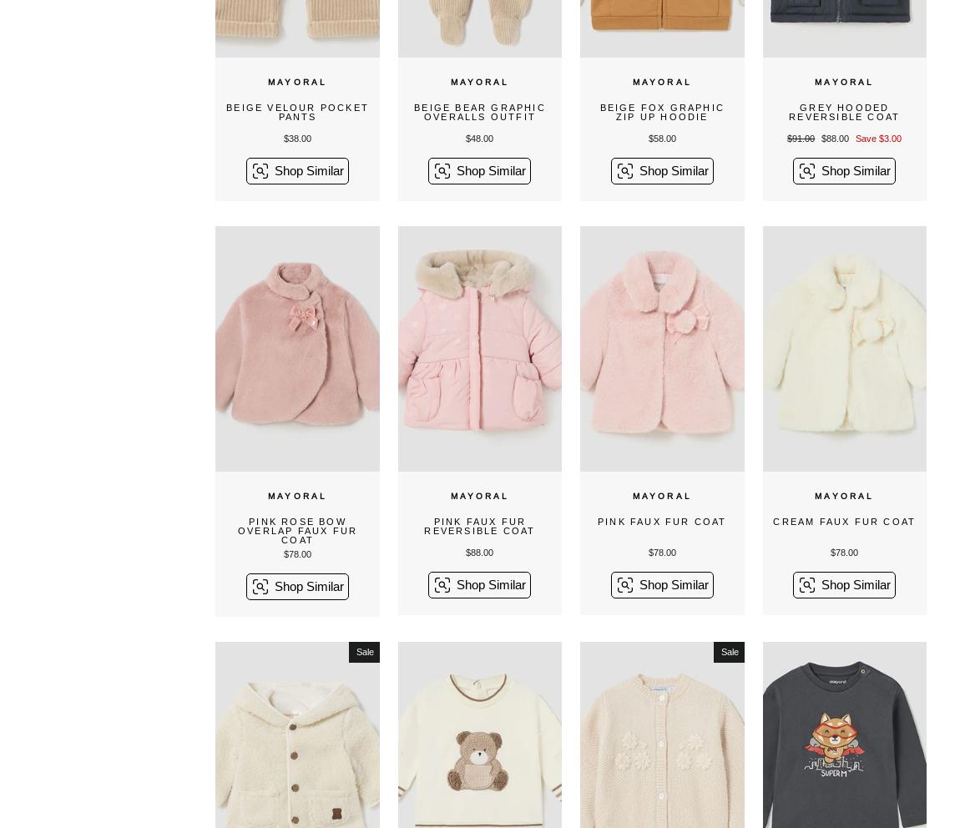  I want to click on '$48.00', so click(479, 137).